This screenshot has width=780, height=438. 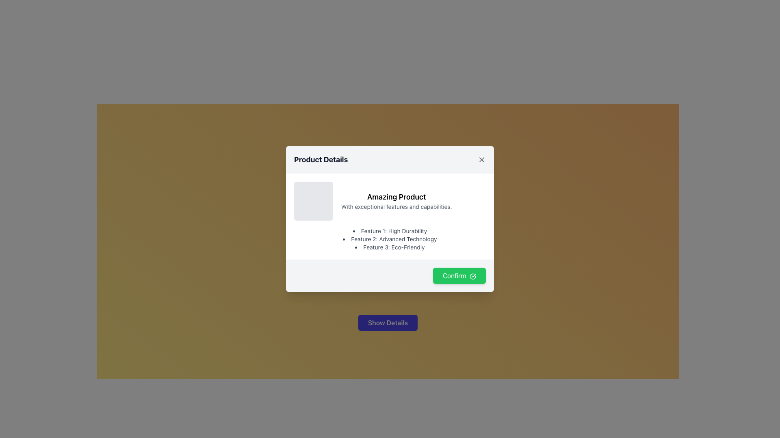 I want to click on text from the informational content block titled 'Amazing Product' located in the center of the 'Product Details' dialog, so click(x=390, y=201).